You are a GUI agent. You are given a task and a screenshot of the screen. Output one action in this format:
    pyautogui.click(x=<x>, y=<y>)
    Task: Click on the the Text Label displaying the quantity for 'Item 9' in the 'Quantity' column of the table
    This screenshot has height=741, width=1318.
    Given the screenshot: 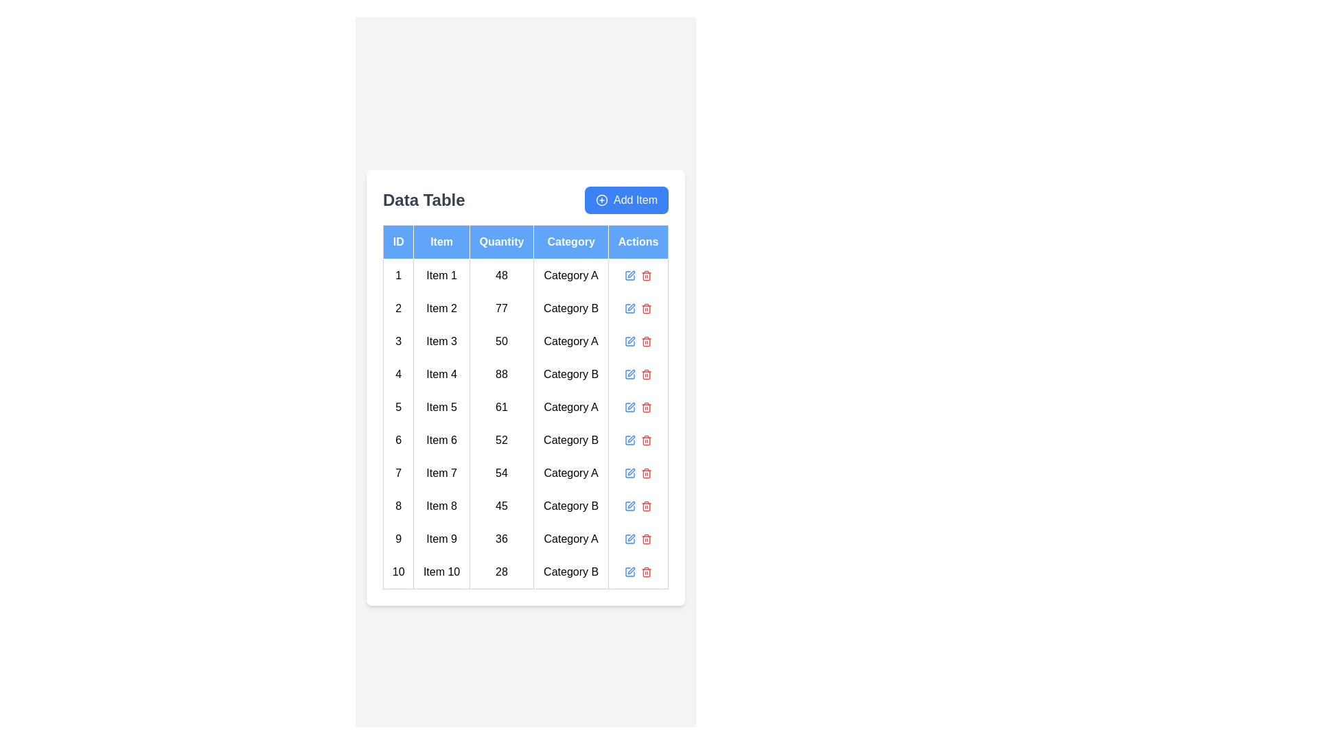 What is the action you would take?
    pyautogui.click(x=500, y=538)
    